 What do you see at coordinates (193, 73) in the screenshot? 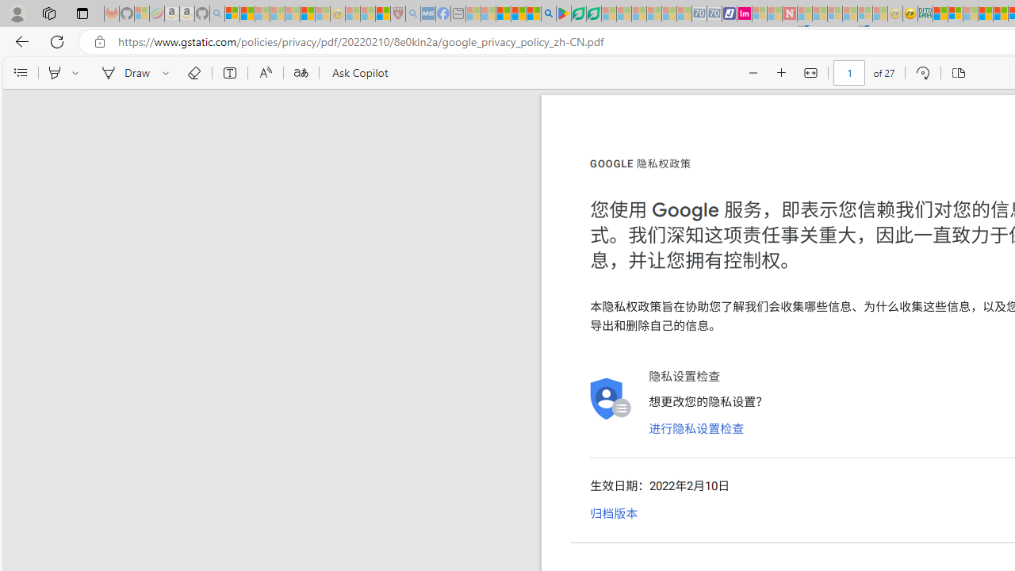
I see `'Erase'` at bounding box center [193, 73].